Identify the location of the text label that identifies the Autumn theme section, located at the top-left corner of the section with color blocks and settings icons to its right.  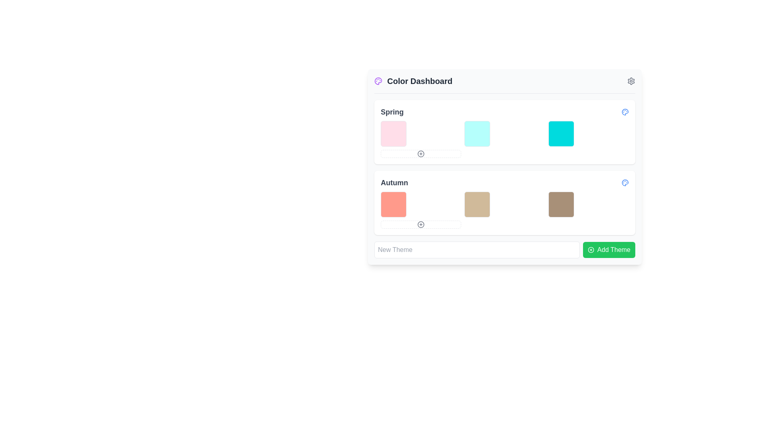
(394, 183).